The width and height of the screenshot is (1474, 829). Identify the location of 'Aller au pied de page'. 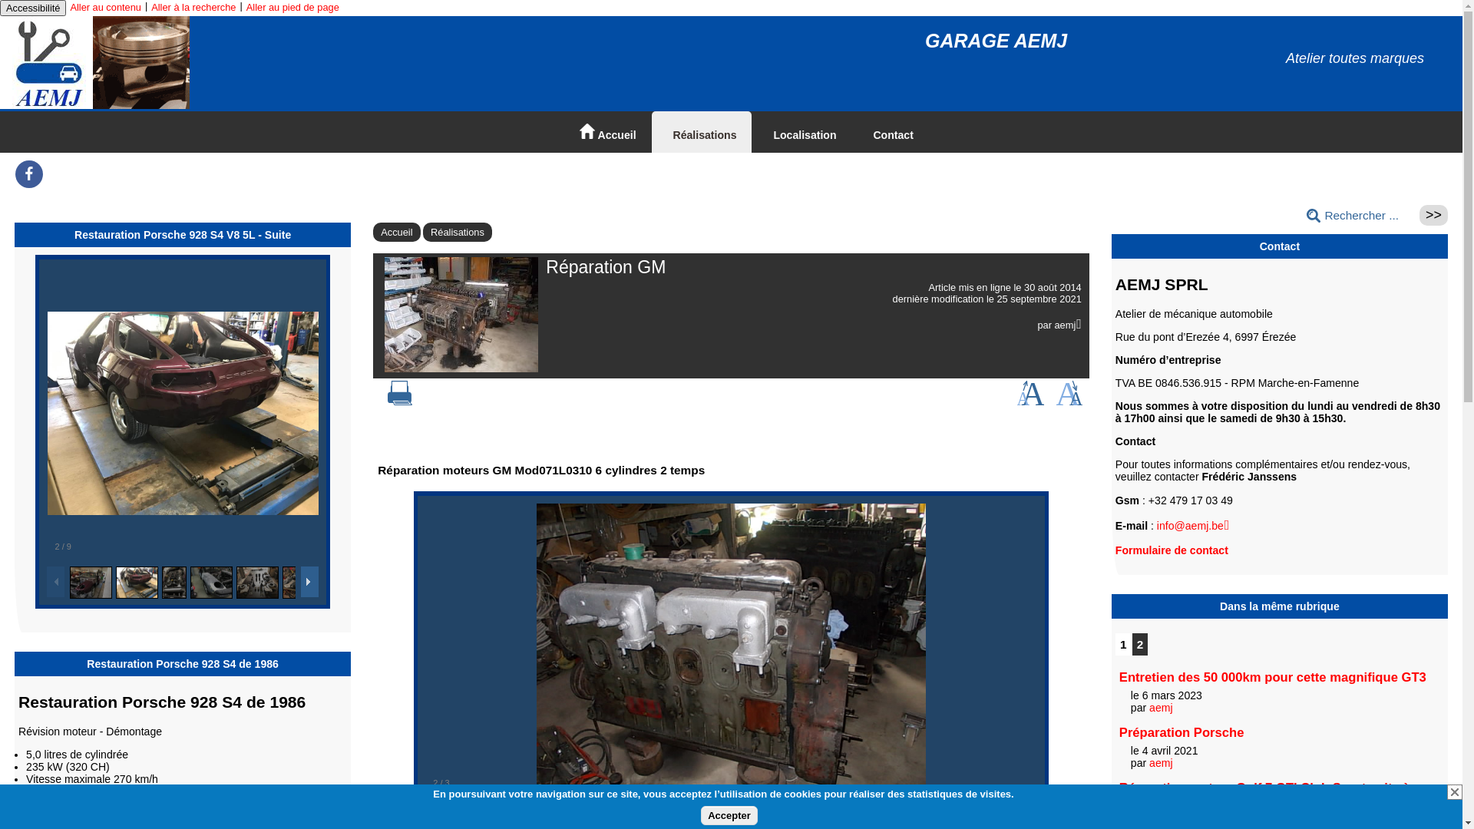
(246, 7).